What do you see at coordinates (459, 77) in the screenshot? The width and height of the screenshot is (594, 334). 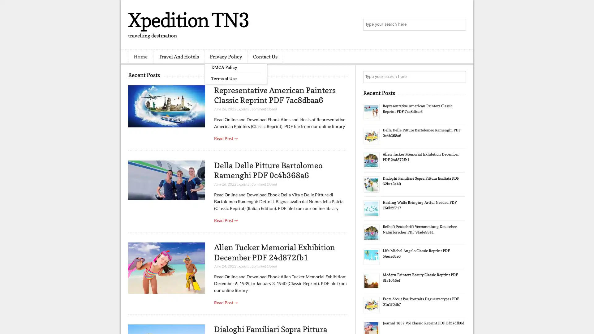 I see `Search` at bounding box center [459, 77].